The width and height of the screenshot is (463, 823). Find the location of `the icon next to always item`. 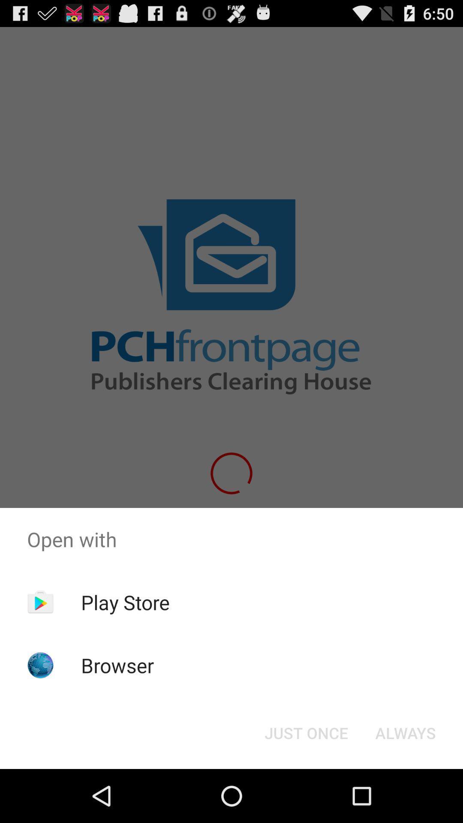

the icon next to always item is located at coordinates (306, 732).